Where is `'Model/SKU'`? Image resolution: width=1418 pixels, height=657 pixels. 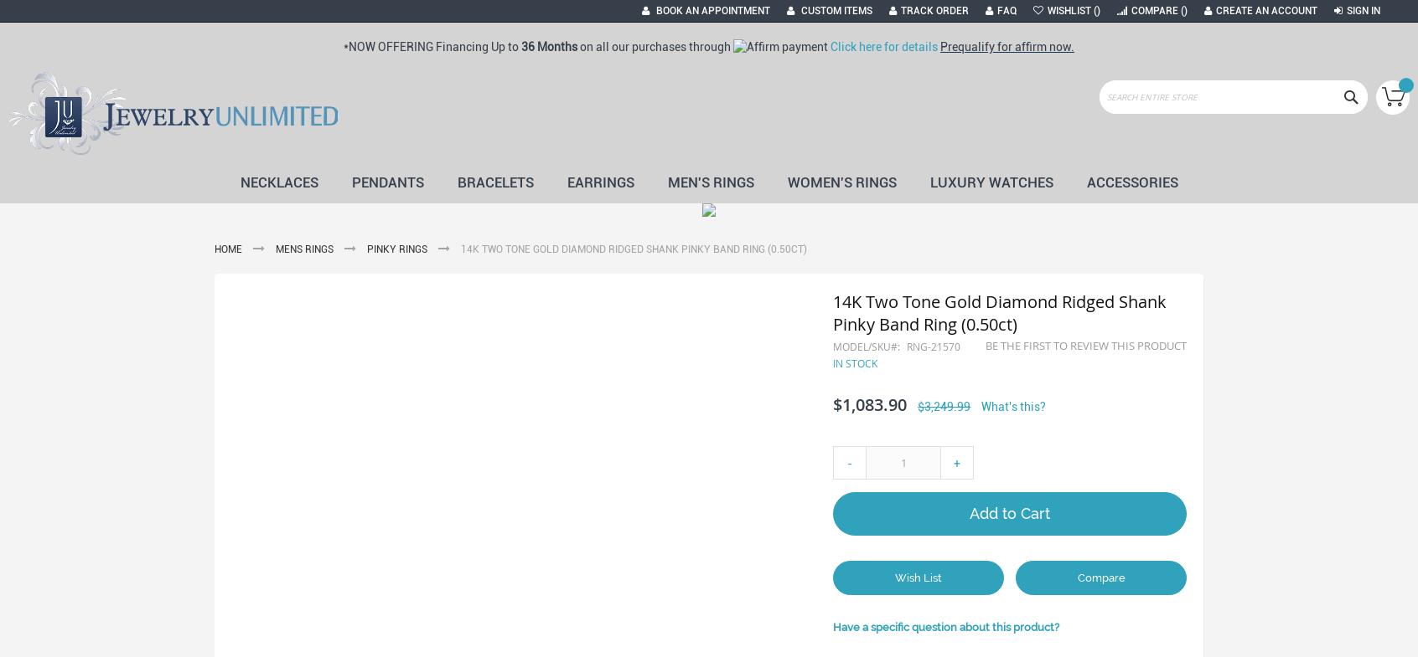 'Model/SKU' is located at coordinates (861, 345).